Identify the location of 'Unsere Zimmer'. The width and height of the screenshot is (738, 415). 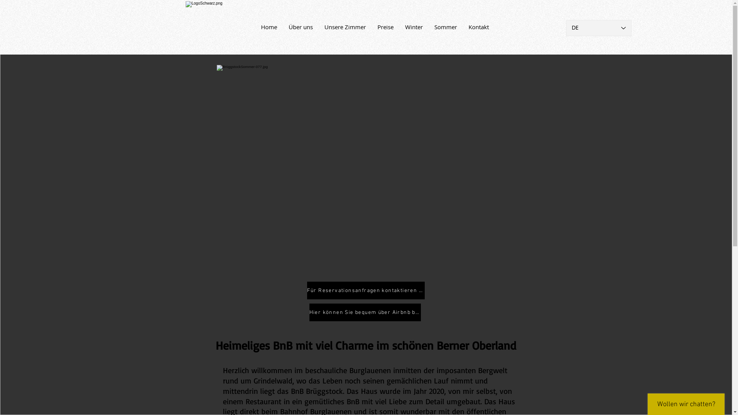
(344, 26).